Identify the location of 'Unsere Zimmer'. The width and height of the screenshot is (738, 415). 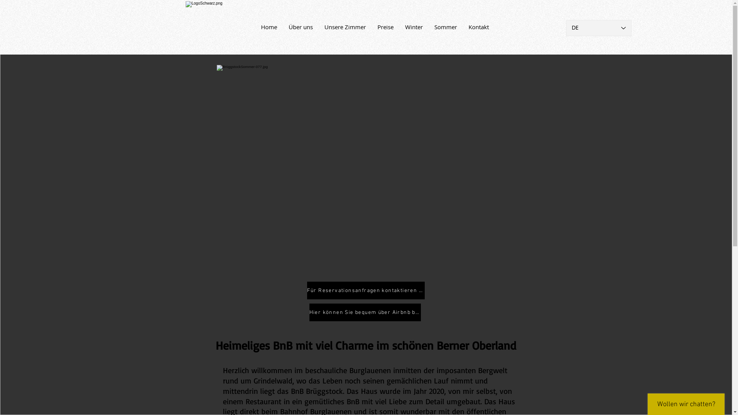
(344, 26).